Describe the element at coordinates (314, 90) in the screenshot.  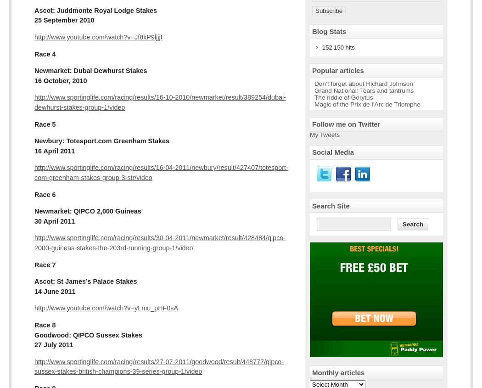
I see `'Grand National: Tears and tantrums'` at that location.